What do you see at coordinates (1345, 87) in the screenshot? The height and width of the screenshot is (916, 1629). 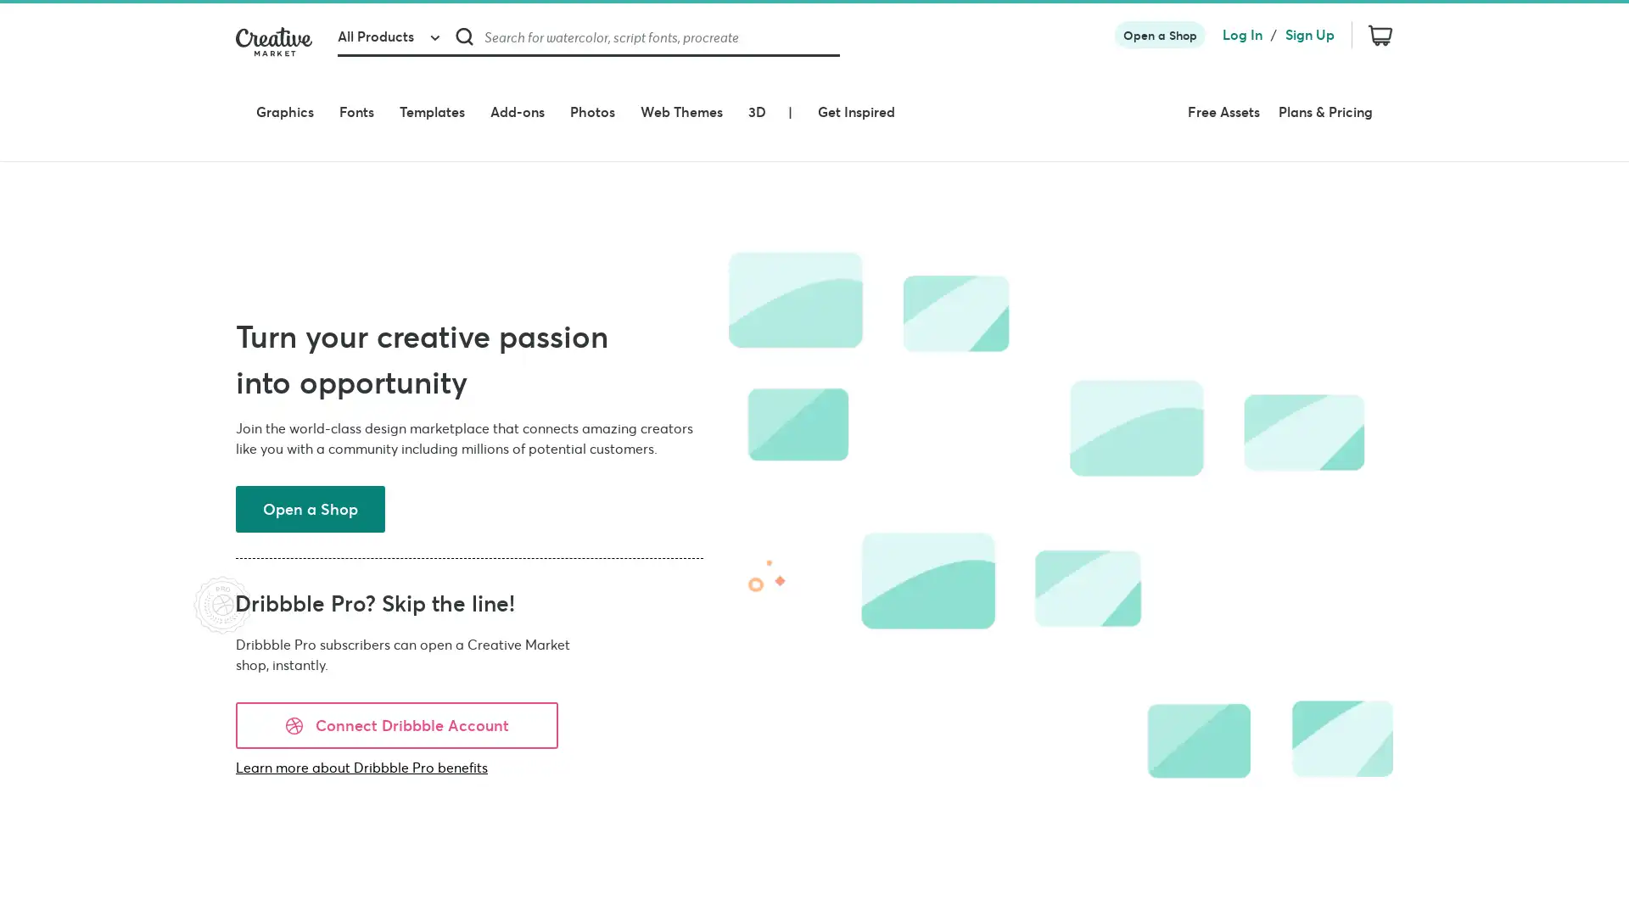 I see `Plans & Pricing` at bounding box center [1345, 87].